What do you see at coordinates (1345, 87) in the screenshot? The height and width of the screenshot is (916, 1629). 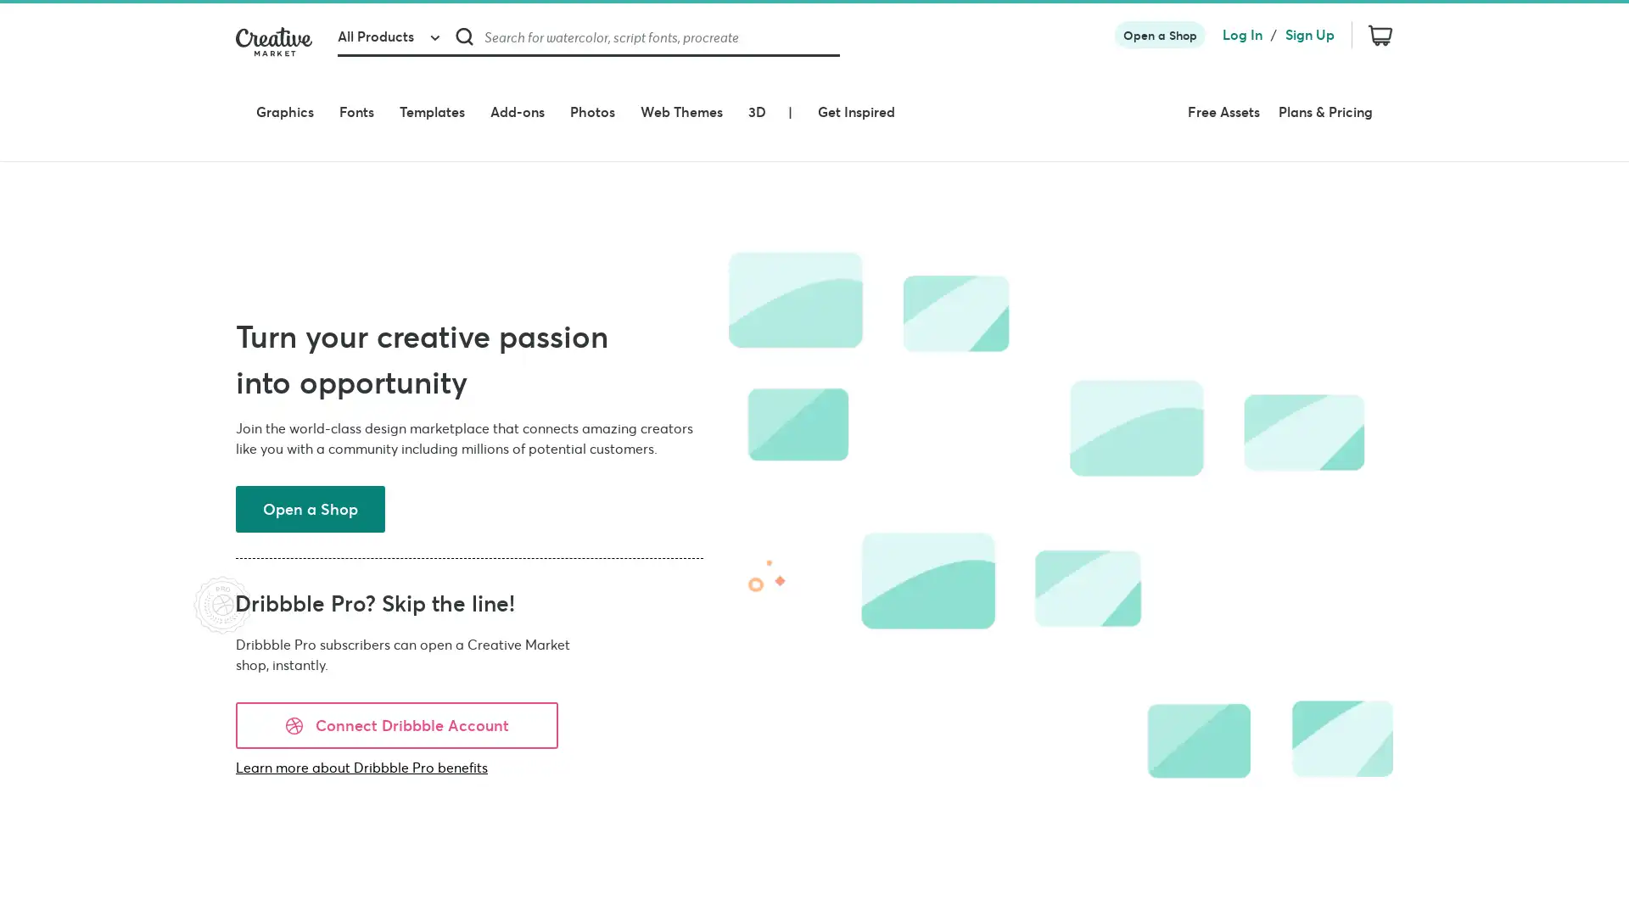 I see `Plans & Pricing` at bounding box center [1345, 87].